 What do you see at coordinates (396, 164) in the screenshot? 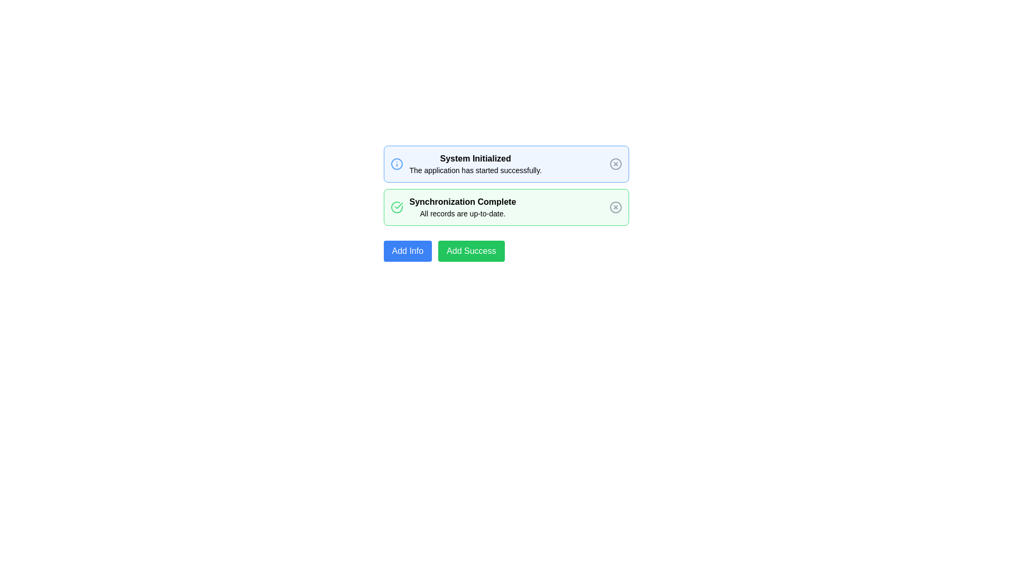
I see `the circle SVG graphic representing an information icon within the 'System Initialized' notification card` at bounding box center [396, 164].